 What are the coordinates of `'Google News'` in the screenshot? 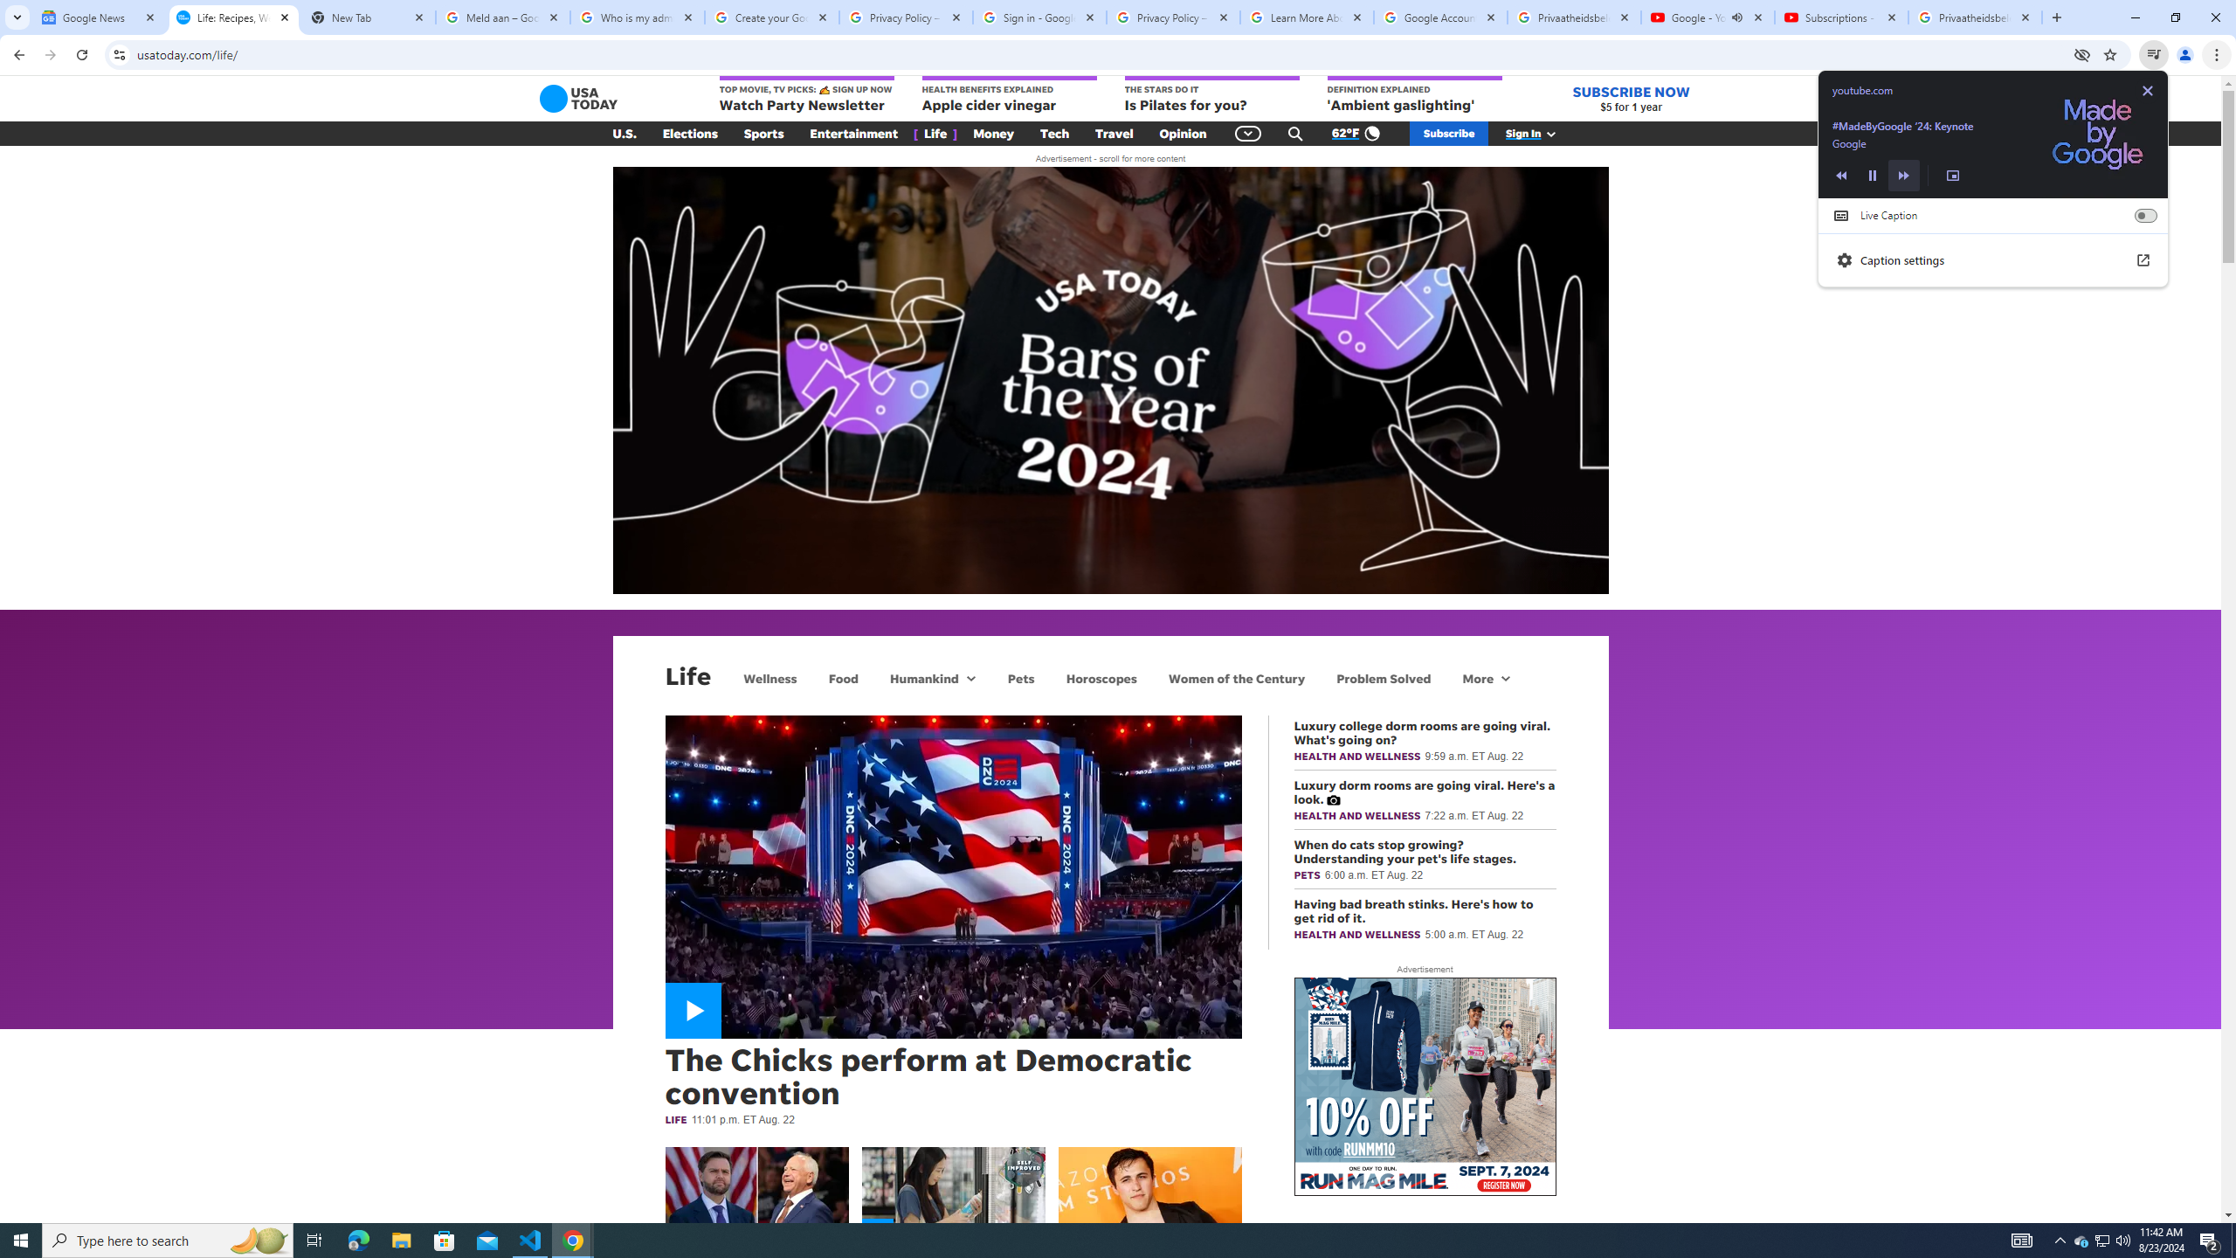 It's located at (99, 17).